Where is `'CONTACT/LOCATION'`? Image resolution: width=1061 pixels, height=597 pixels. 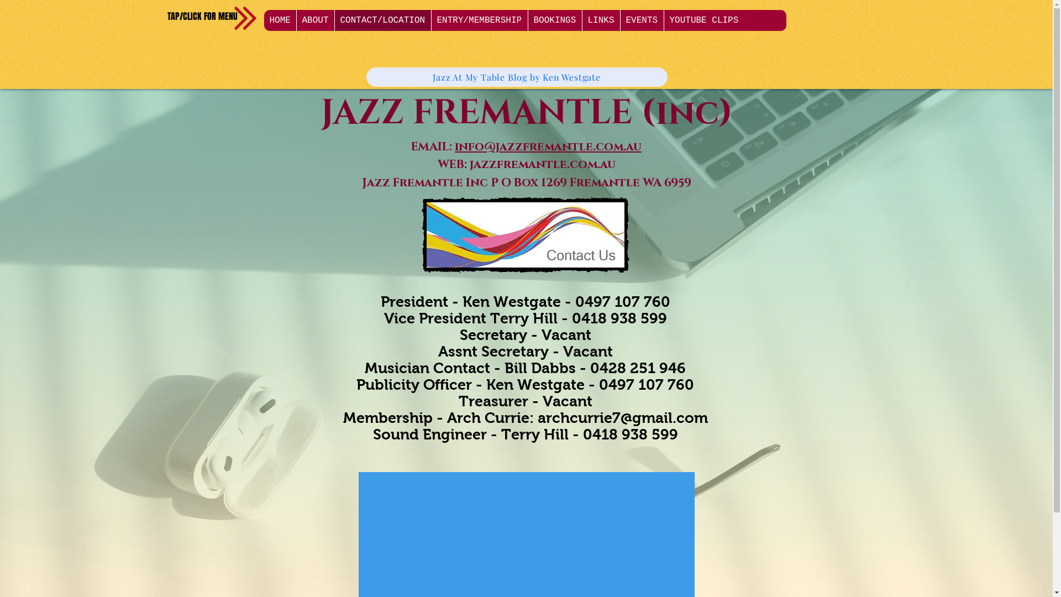
'CONTACT/LOCATION' is located at coordinates (382, 20).